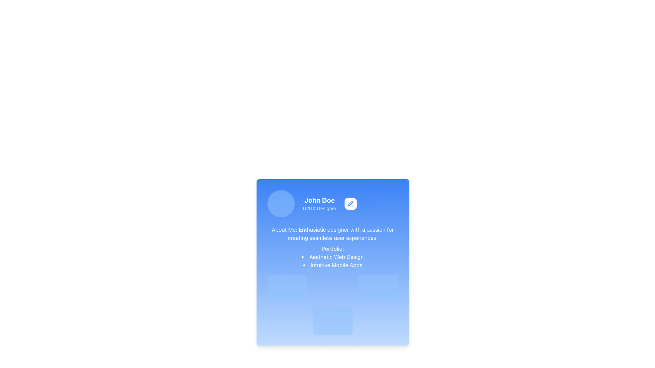 The width and height of the screenshot is (655, 368). Describe the element at coordinates (333, 261) in the screenshot. I see `the bulleted list containing 'Aesthetic Web Design' and 'Intuitive Mobile Apps' styled in white text on a blue background, located in the lower section of the blue card` at that location.